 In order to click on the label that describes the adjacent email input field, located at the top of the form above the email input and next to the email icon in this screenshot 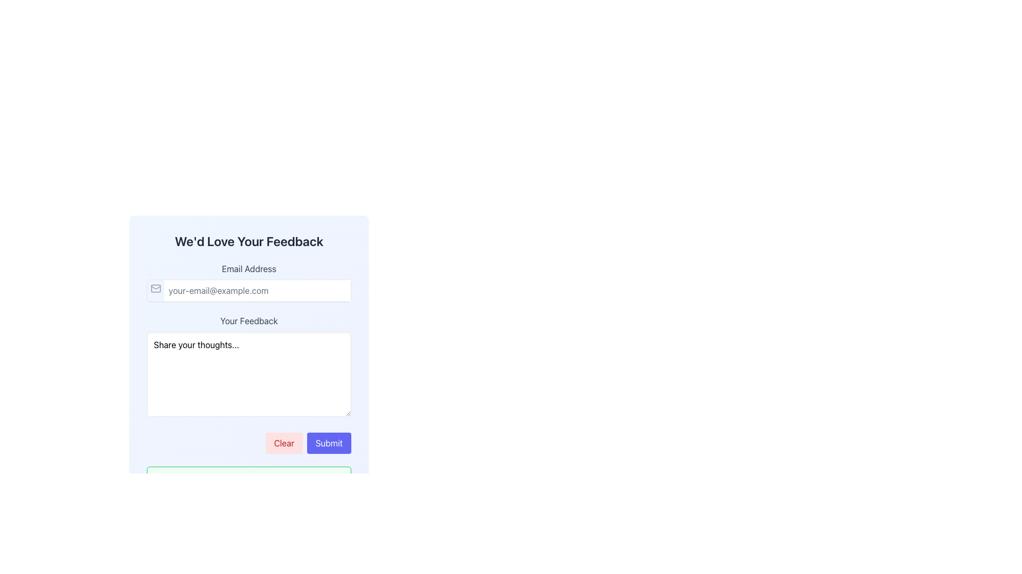, I will do `click(248, 268)`.